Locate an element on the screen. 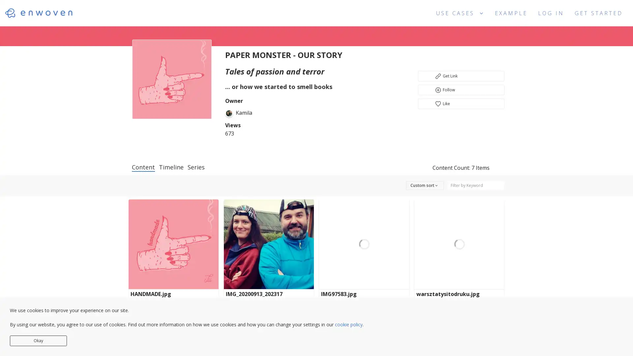 The image size is (633, 356). Like is located at coordinates (461, 104).